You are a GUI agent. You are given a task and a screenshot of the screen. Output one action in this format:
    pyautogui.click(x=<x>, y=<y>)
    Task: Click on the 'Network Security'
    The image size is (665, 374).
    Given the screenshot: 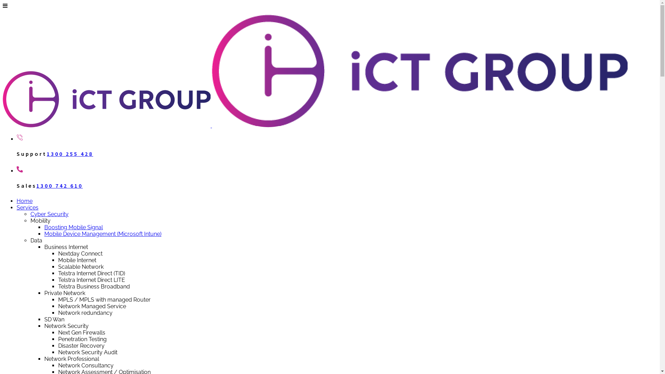 What is the action you would take?
    pyautogui.click(x=66, y=326)
    